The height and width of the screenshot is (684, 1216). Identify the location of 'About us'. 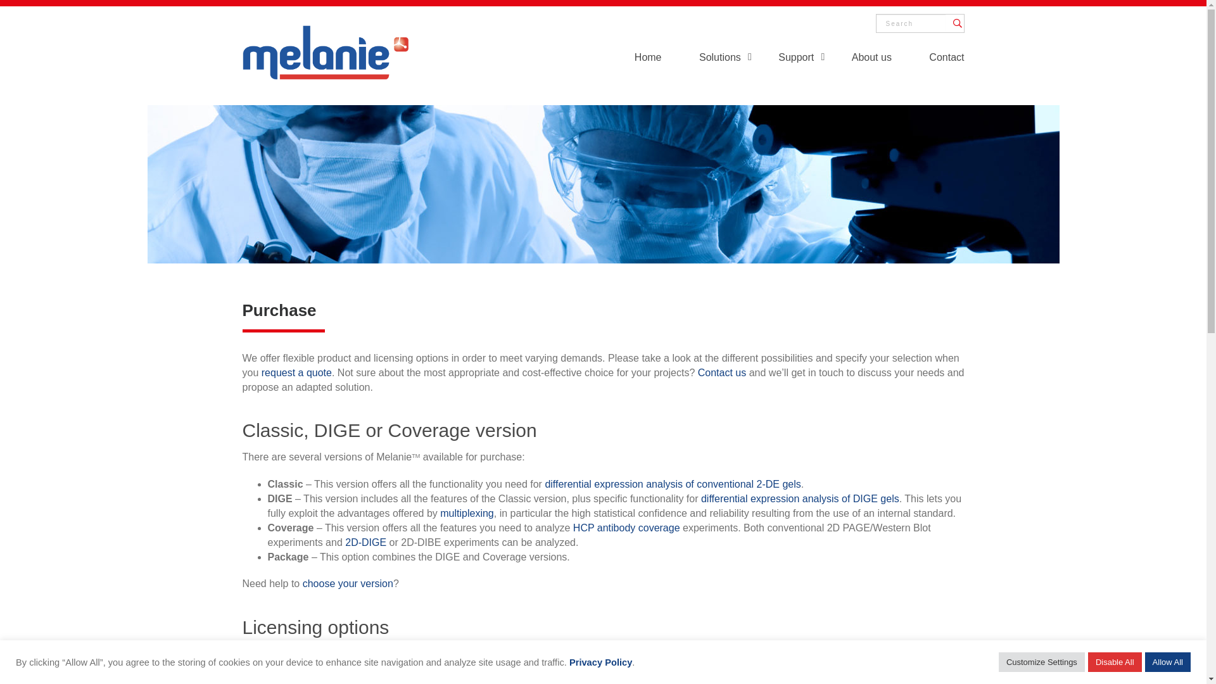
(871, 59).